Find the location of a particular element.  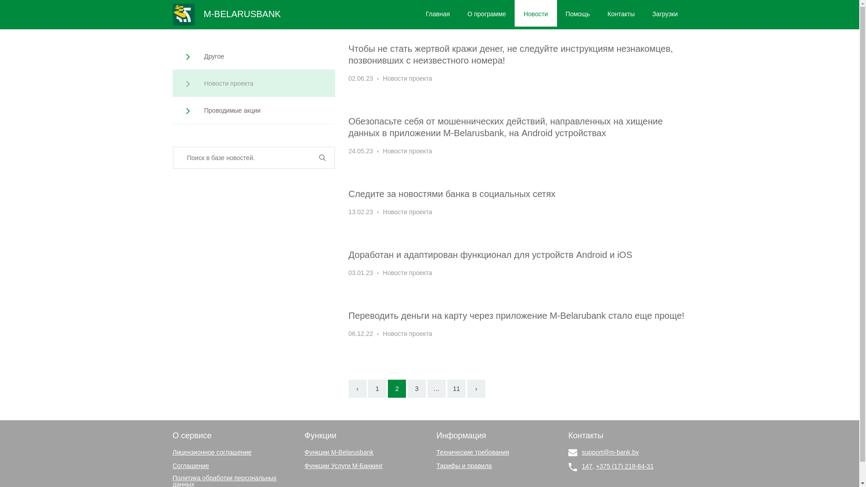

'M-BELARUSBANK' is located at coordinates (226, 14).